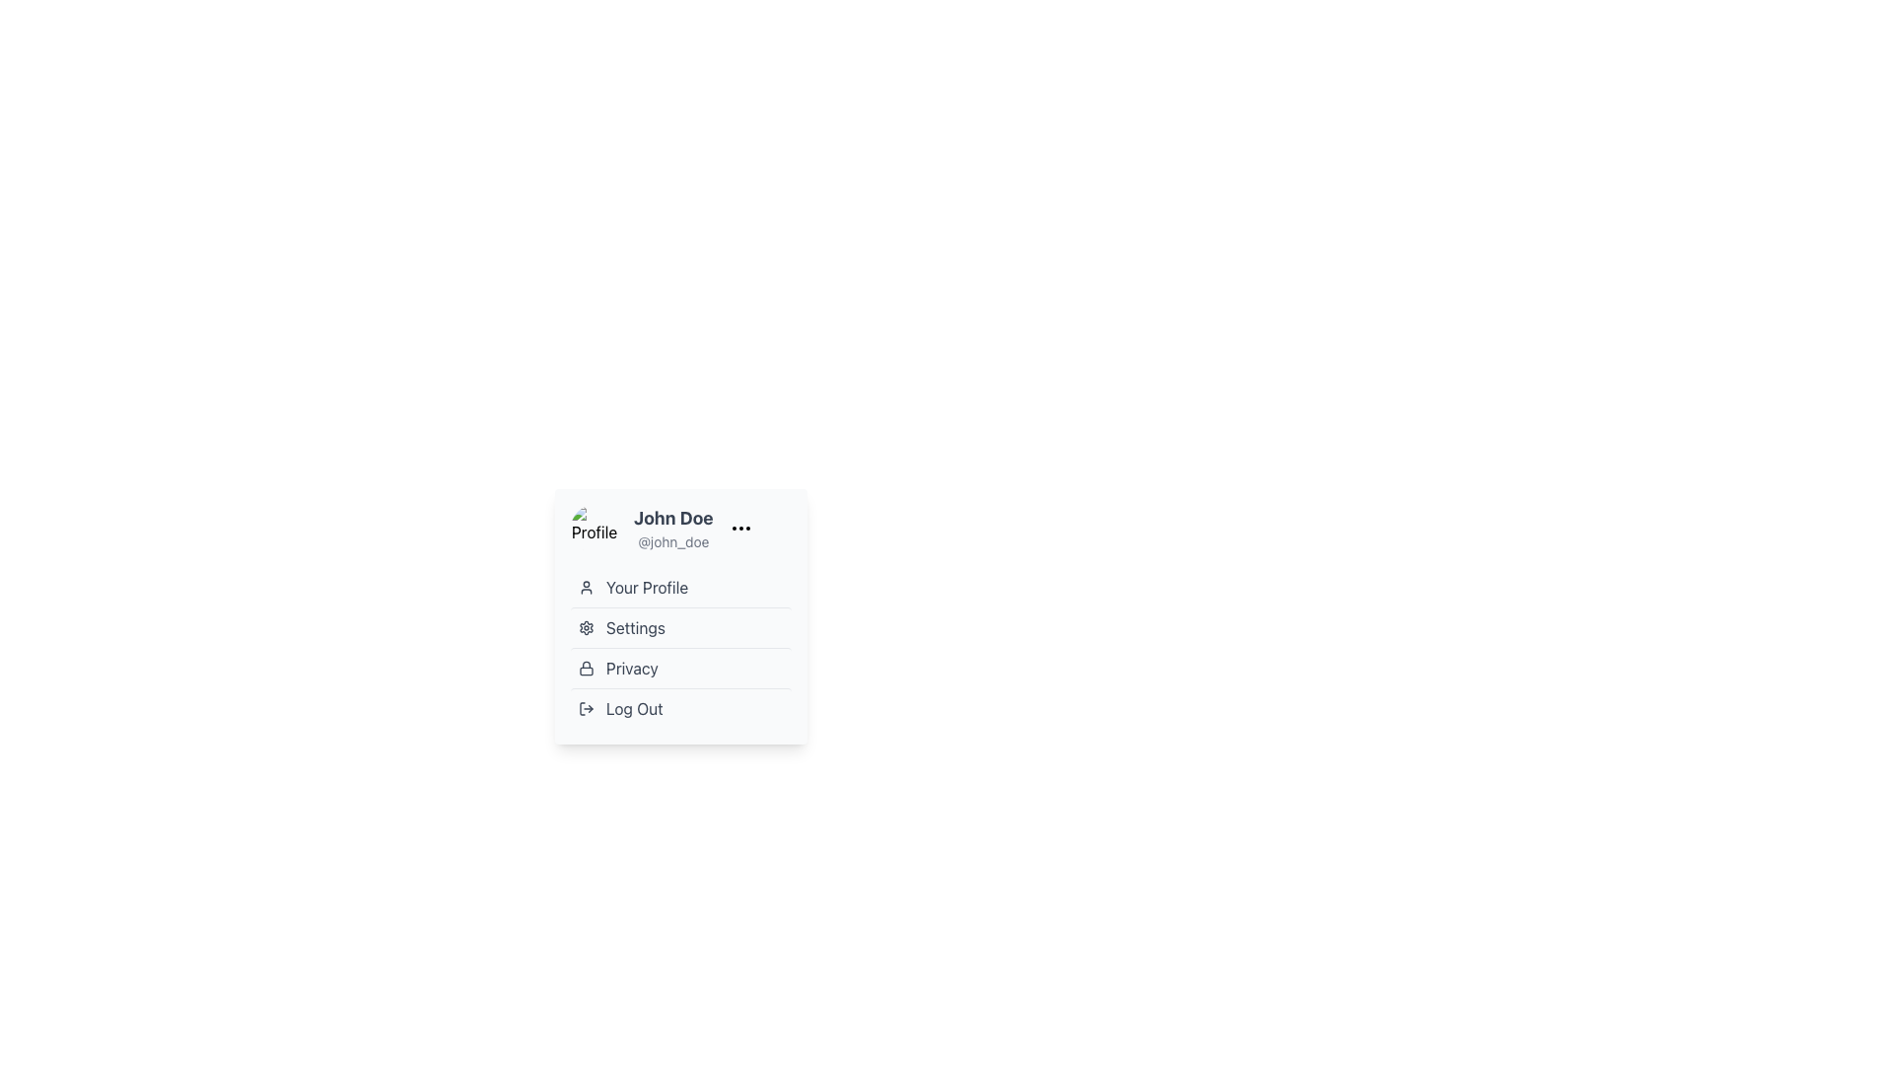 The height and width of the screenshot is (1065, 1893). I want to click on the 'Settings' option located in the dropdown menu, which is positioned below 'Your Profile' and above 'Privacy', so click(681, 627).